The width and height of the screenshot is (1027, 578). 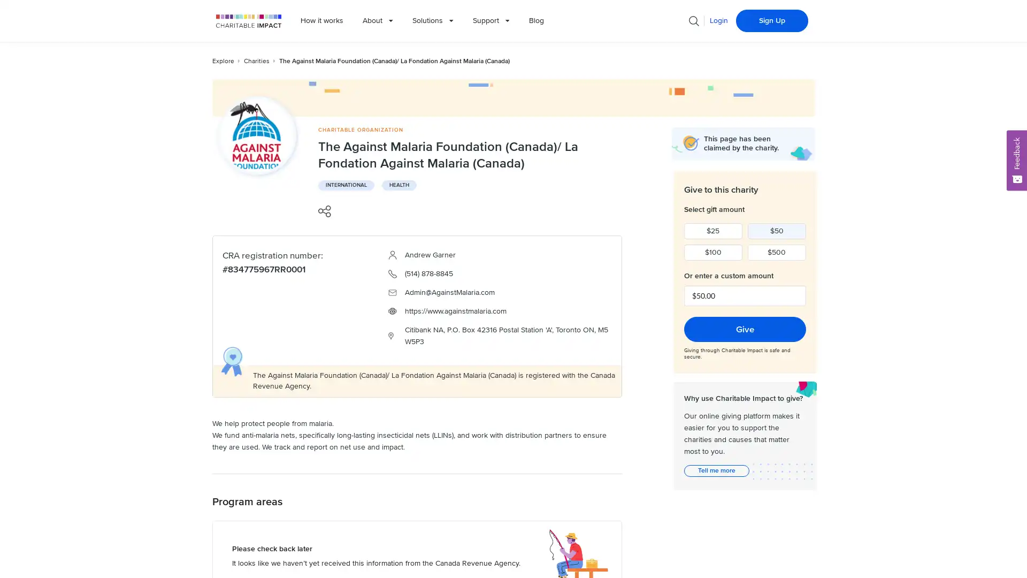 What do you see at coordinates (716, 470) in the screenshot?
I see `Tell me more` at bounding box center [716, 470].